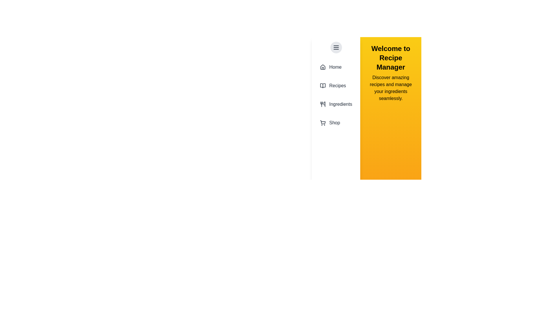 This screenshot has height=313, width=556. I want to click on the drawer item labeled Recipes to reveal additional information, so click(336, 86).